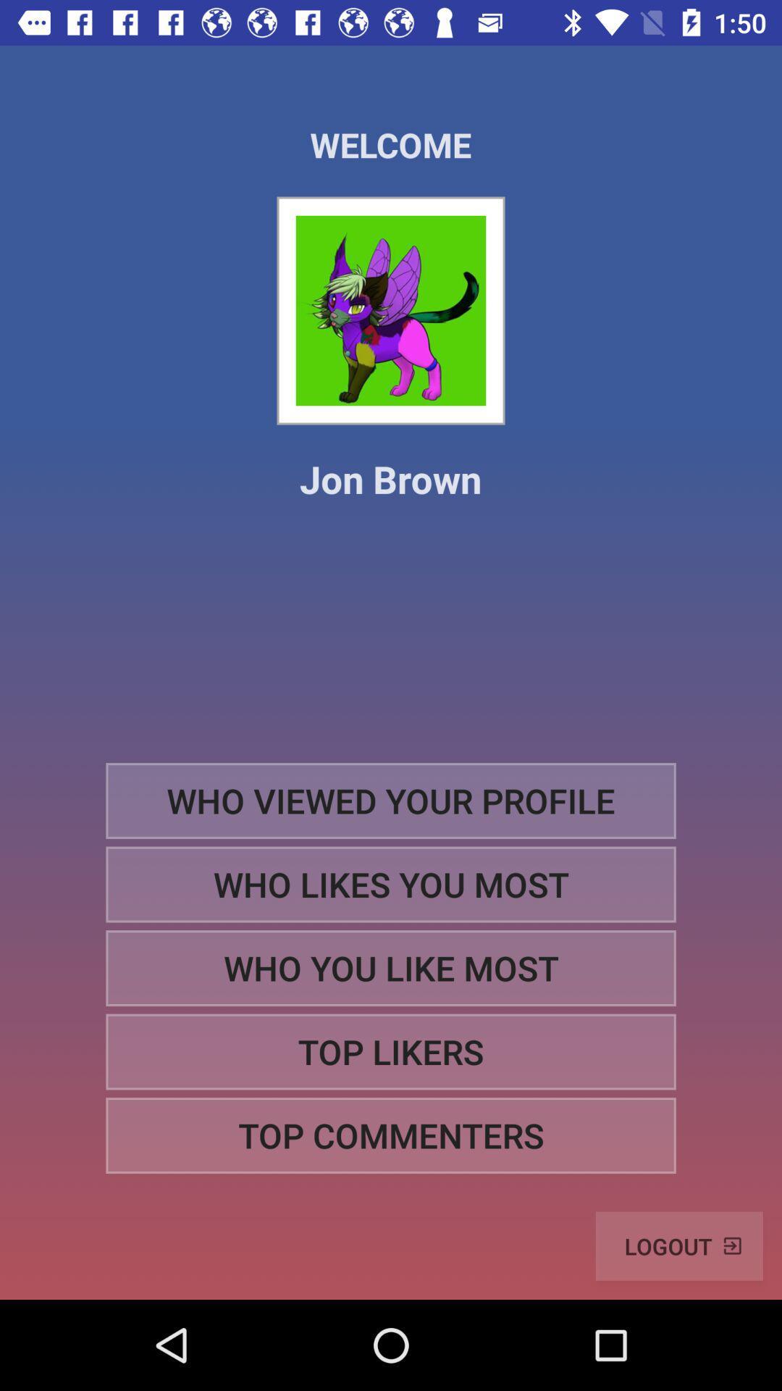  I want to click on item at the bottom right corner, so click(679, 1245).